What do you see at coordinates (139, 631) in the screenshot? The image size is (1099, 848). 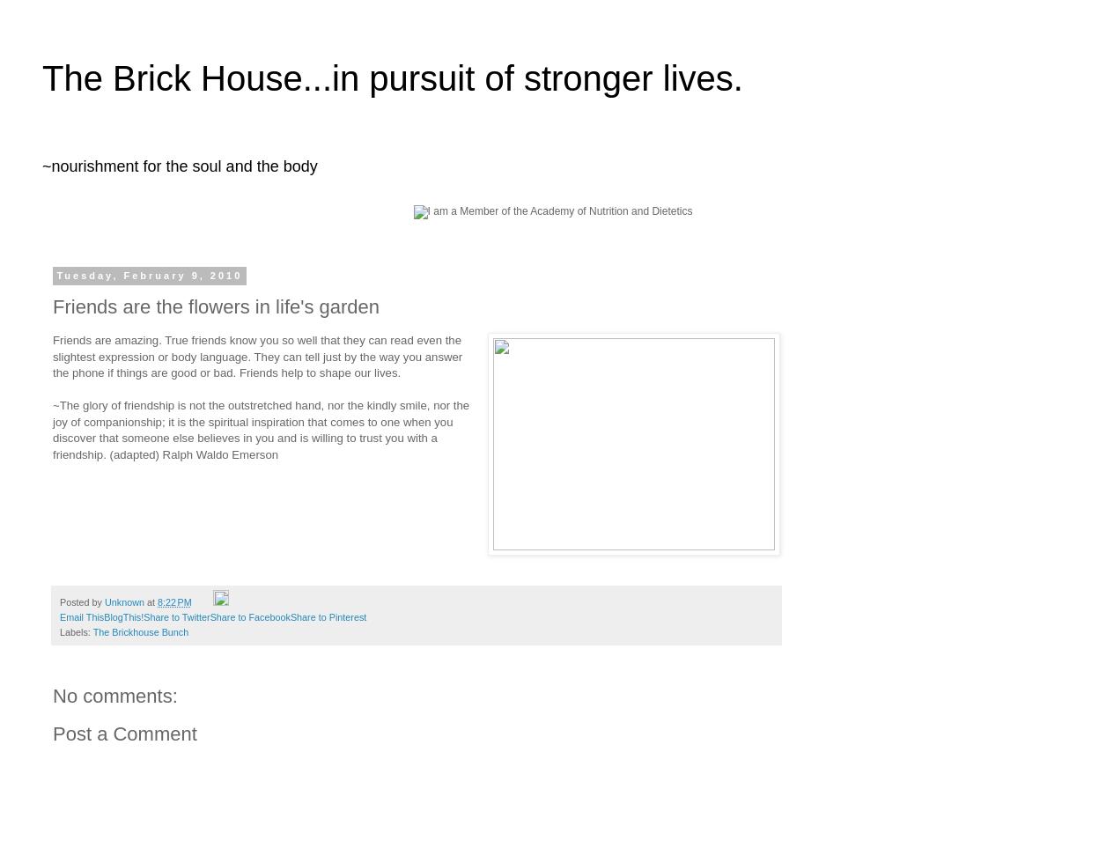 I see `'The Brickhouse Bunch'` at bounding box center [139, 631].